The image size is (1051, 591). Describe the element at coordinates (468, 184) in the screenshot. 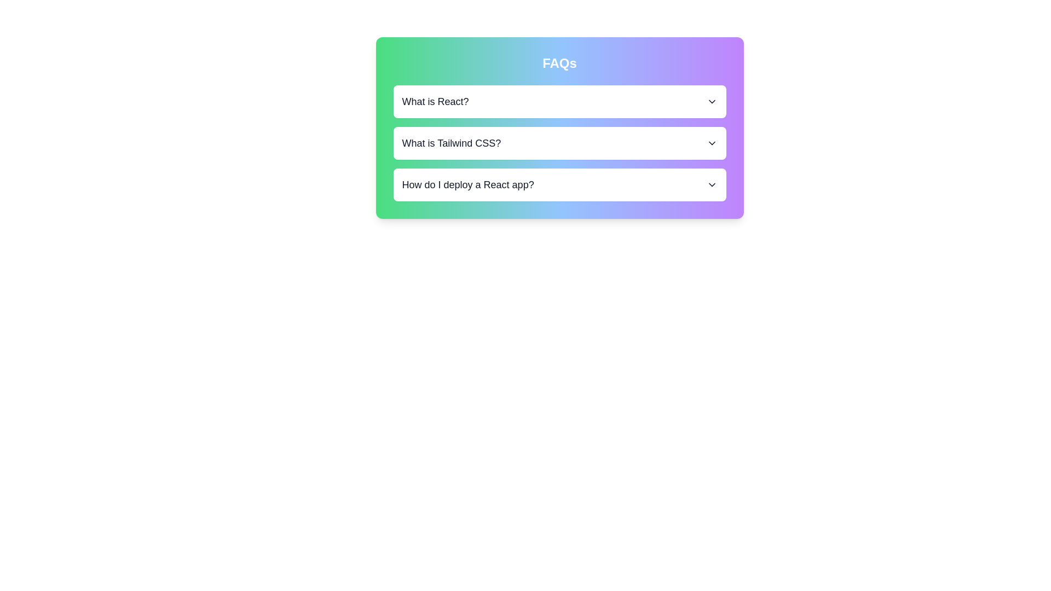

I see `the third FAQ entry title text that indicates the content of the section below` at that location.